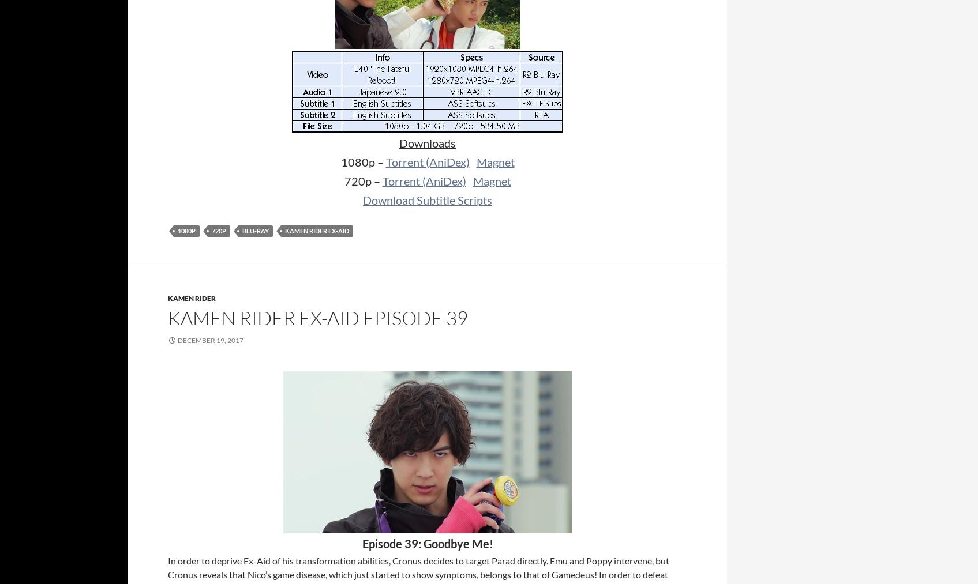  I want to click on 'Kamen Rider Ex-Aid Episode 39', so click(318, 318).